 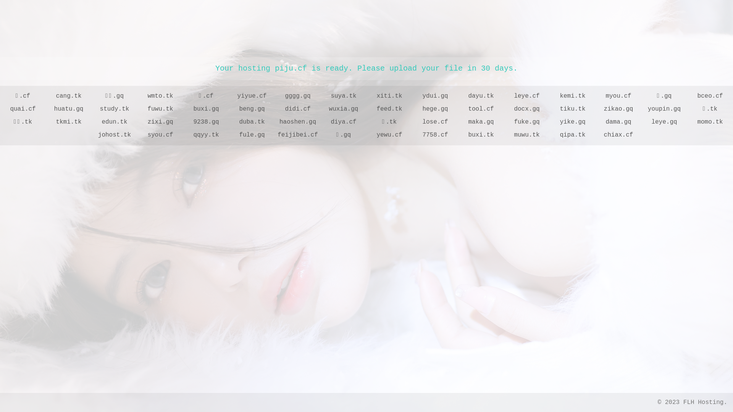 I want to click on 'xiti.tk', so click(x=366, y=95).